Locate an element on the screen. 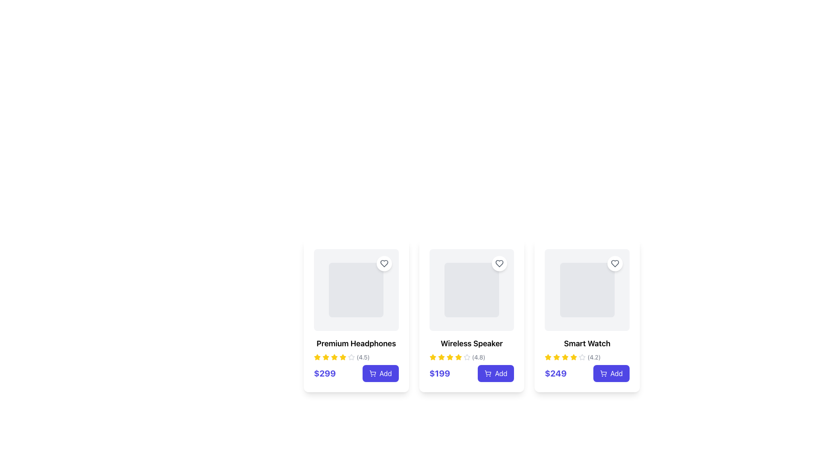  the large, light gray rectangular image placeholder located at the top section of the 'Premium Headphones' product card for detailed product view is located at coordinates (356, 290).